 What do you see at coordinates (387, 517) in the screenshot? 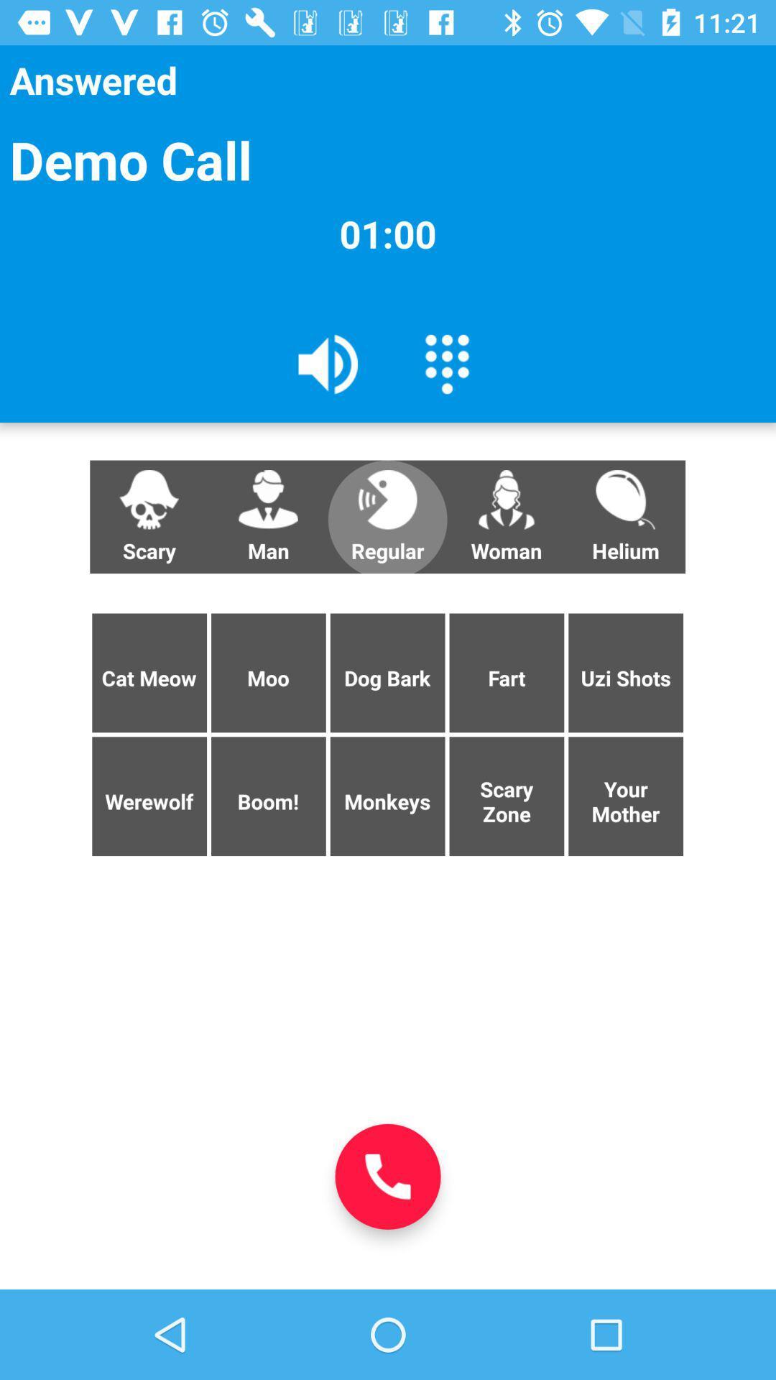
I see `icon next to the man item` at bounding box center [387, 517].